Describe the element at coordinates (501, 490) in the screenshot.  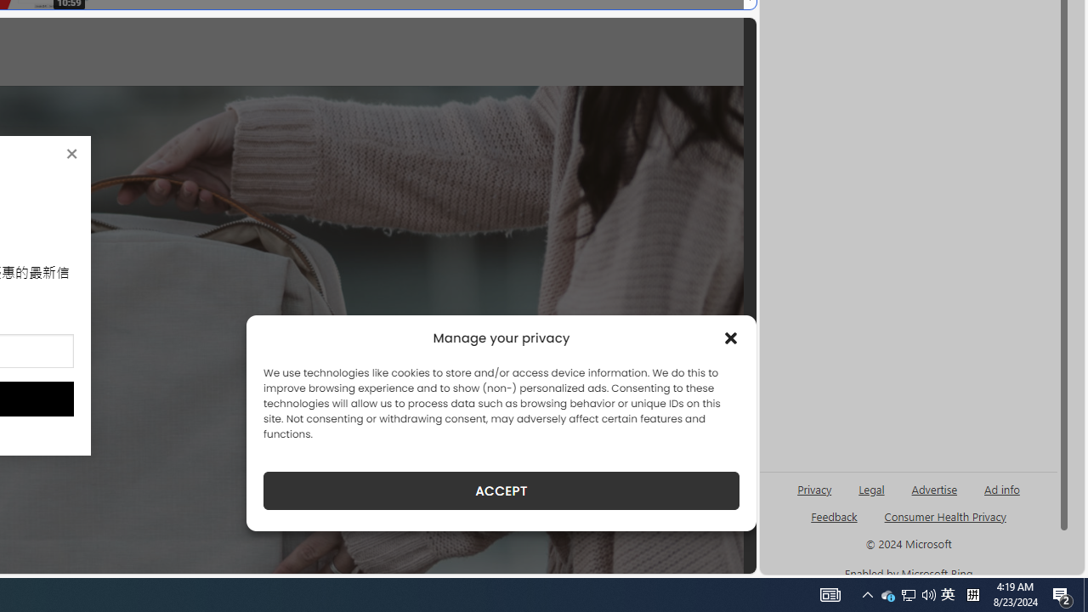
I see `'ACCEPT'` at that location.